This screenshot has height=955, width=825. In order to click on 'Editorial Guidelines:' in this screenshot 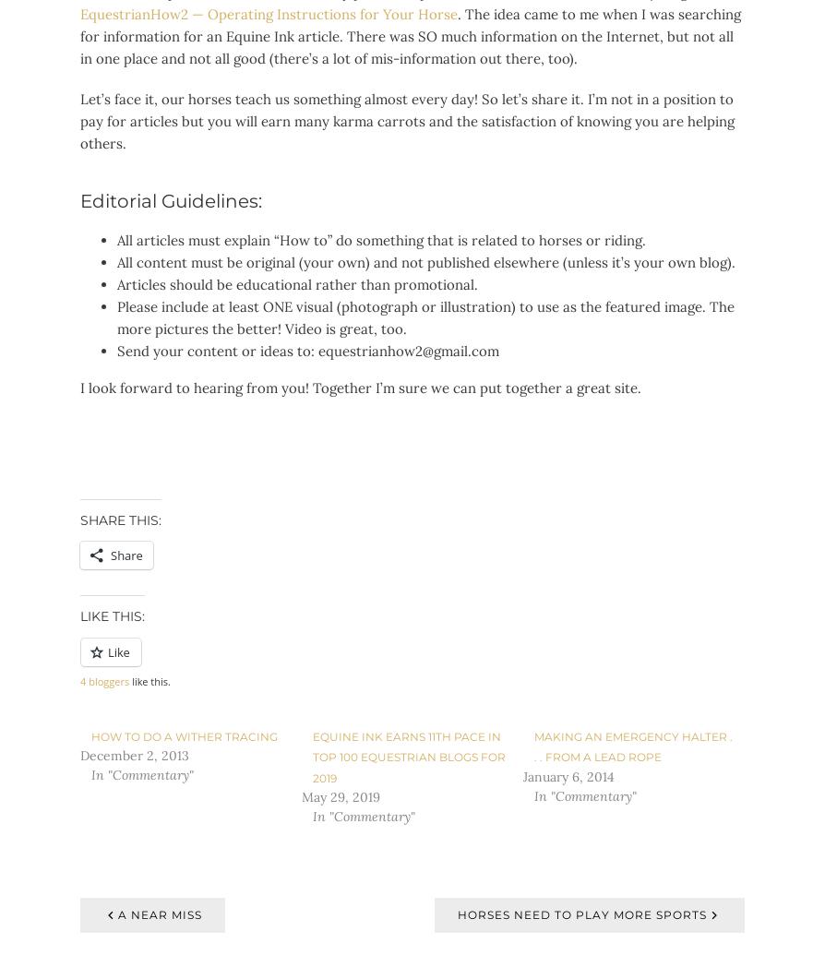, I will do `click(171, 200)`.